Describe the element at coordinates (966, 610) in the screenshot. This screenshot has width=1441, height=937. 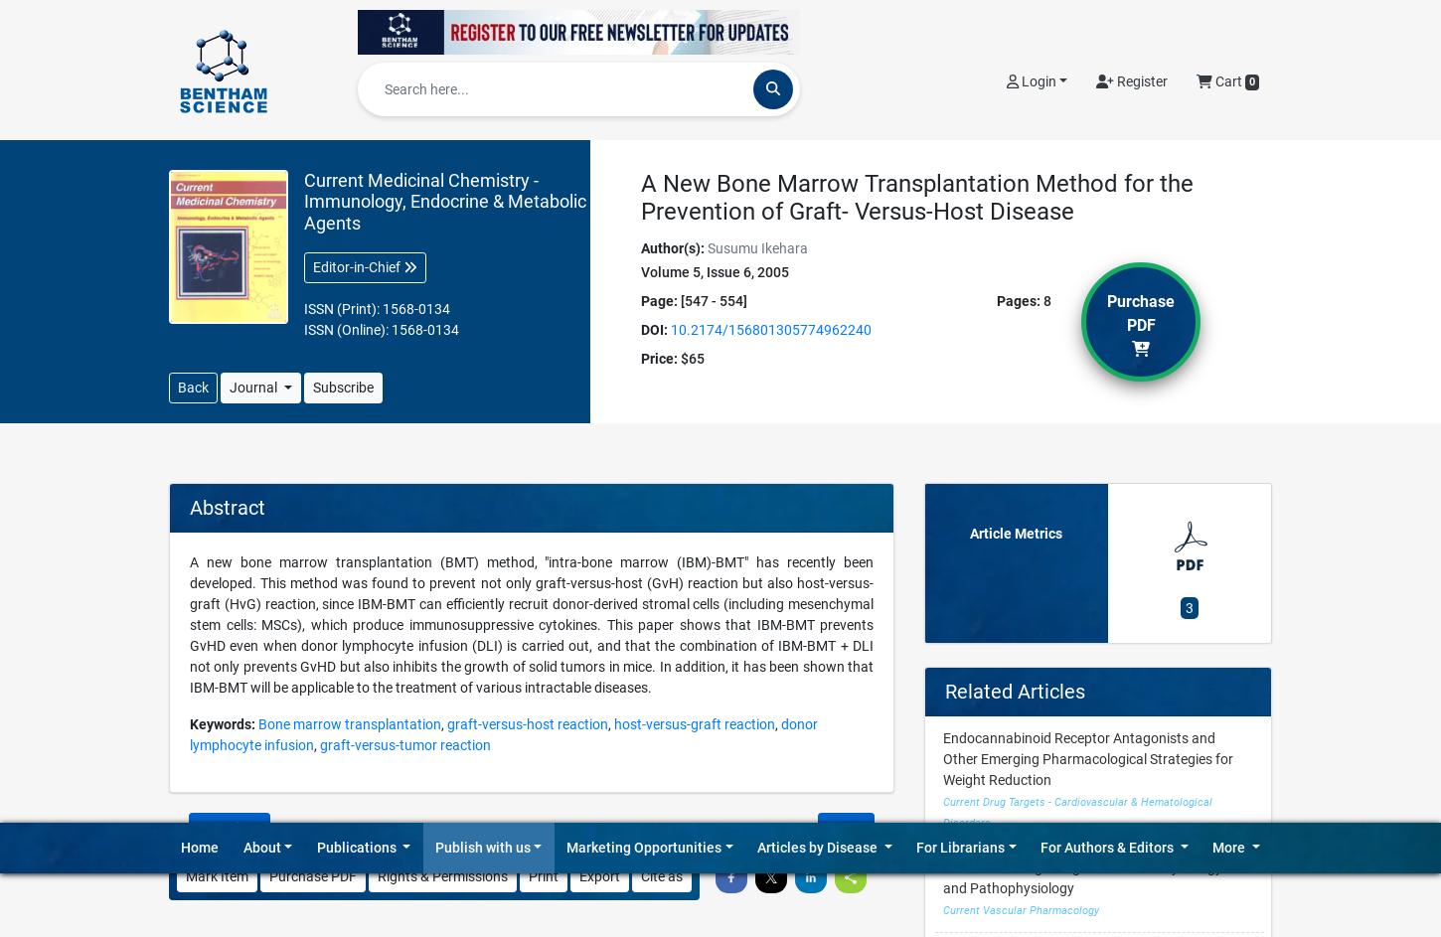
I see `'Preface'` at that location.